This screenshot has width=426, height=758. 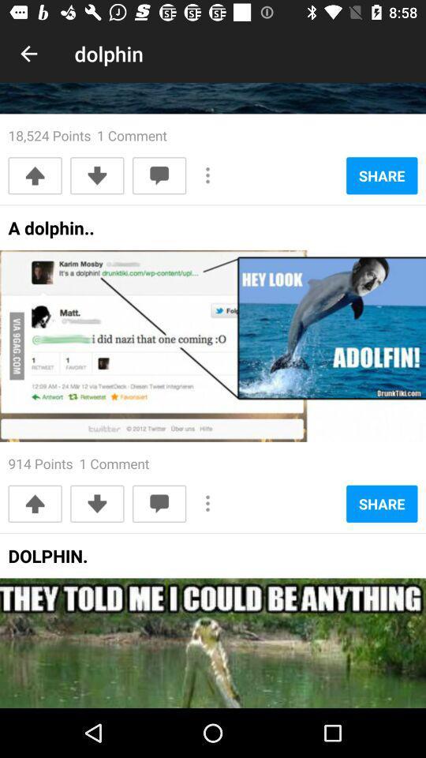 What do you see at coordinates (88, 134) in the screenshot?
I see `the 18 524 points icon` at bounding box center [88, 134].